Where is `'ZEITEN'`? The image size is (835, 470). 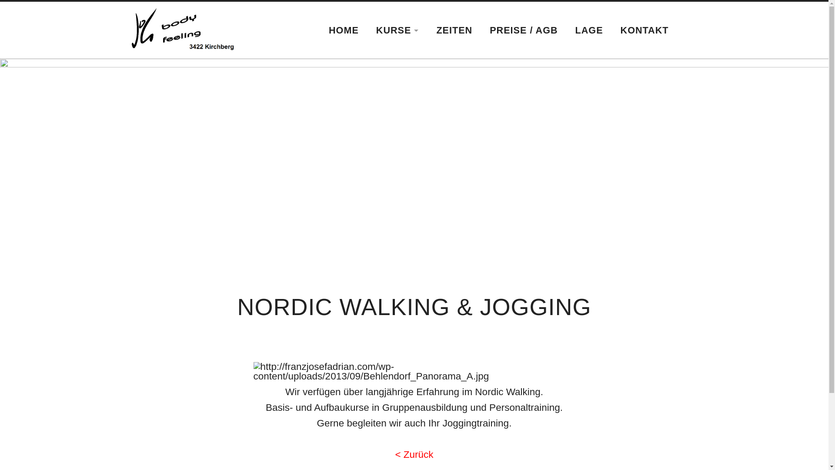
'ZEITEN' is located at coordinates (454, 30).